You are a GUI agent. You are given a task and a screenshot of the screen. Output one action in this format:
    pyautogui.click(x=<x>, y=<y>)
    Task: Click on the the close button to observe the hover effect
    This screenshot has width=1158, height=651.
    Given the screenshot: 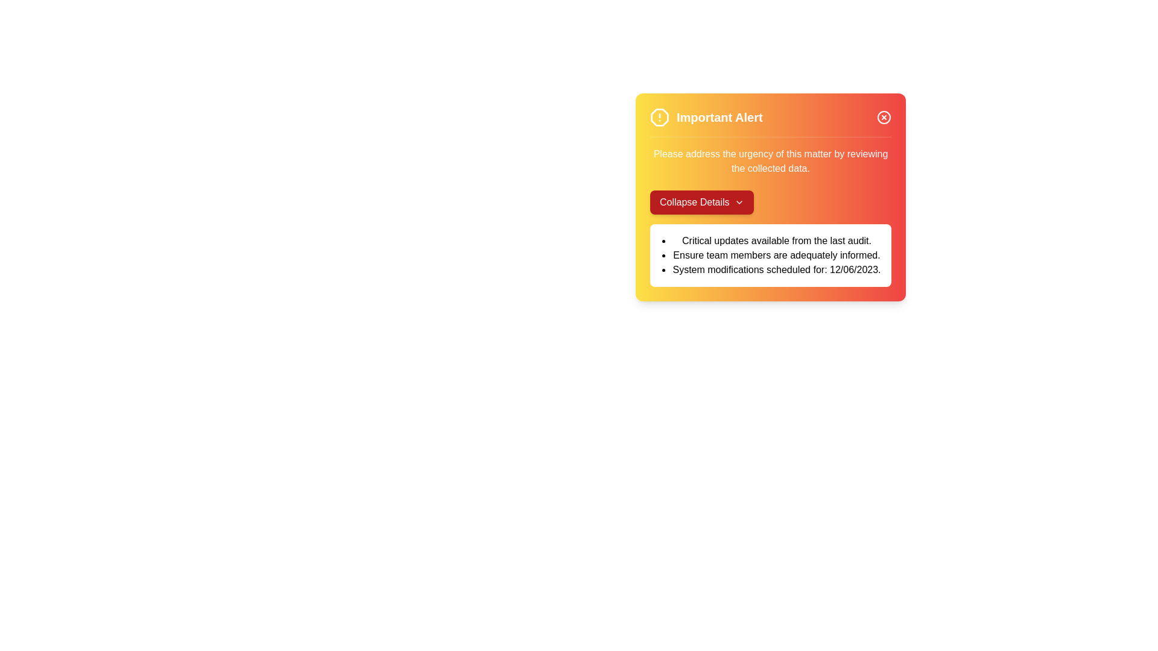 What is the action you would take?
    pyautogui.click(x=884, y=118)
    